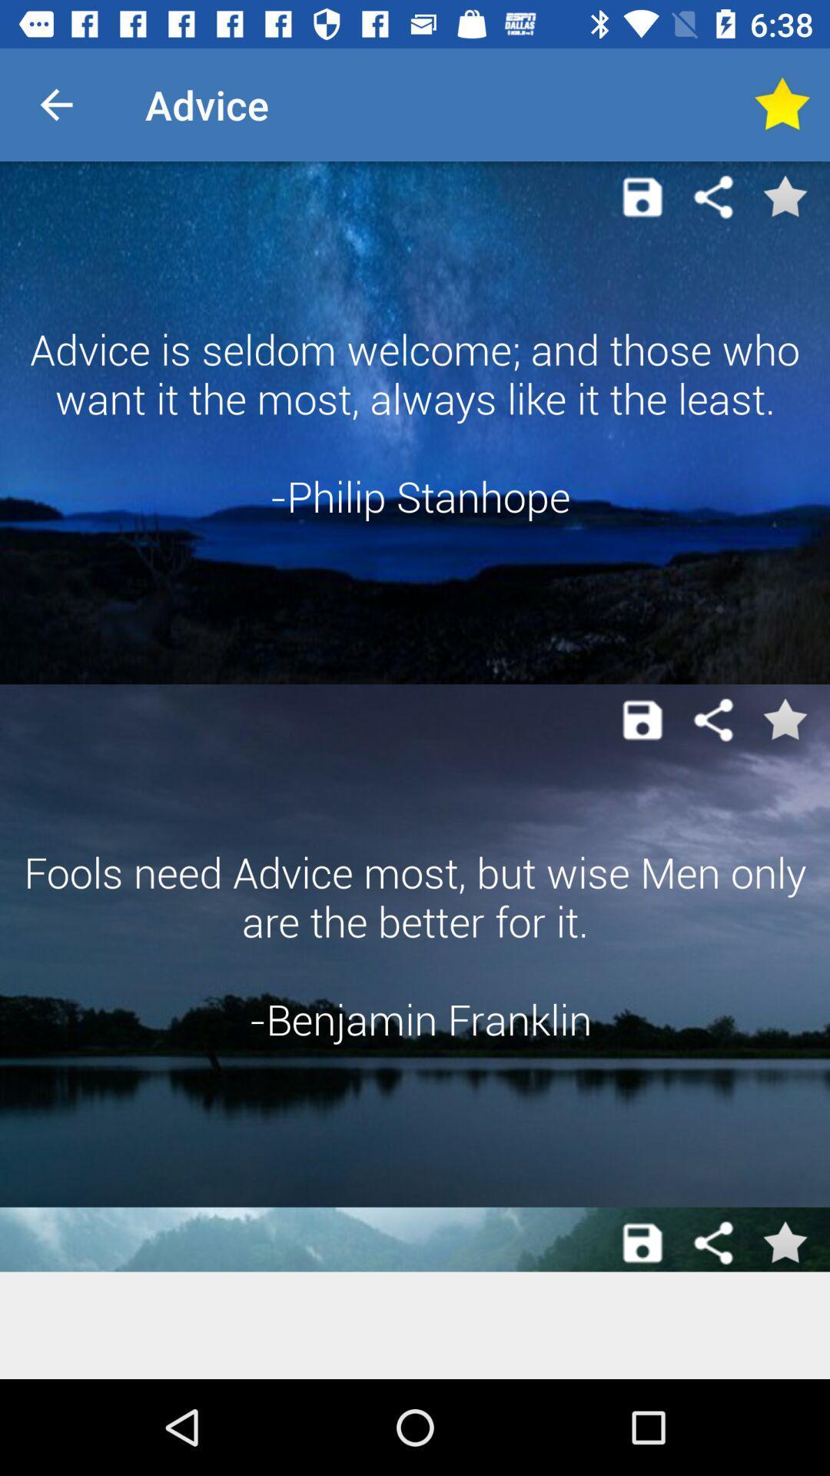  Describe the element at coordinates (713, 719) in the screenshot. I see `share the article` at that location.